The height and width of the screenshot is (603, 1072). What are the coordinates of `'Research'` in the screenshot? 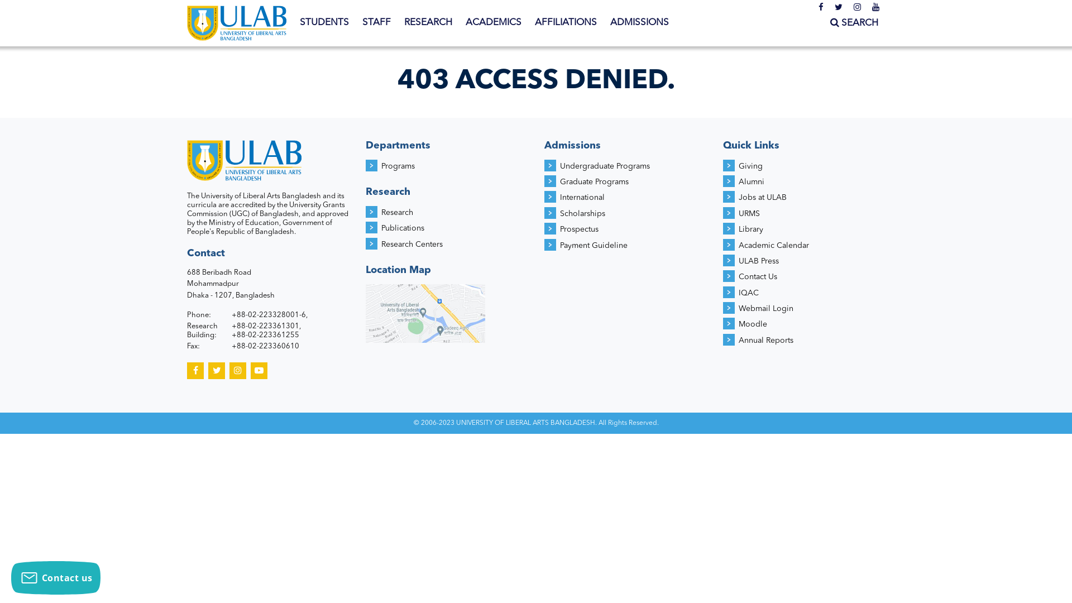 It's located at (381, 213).